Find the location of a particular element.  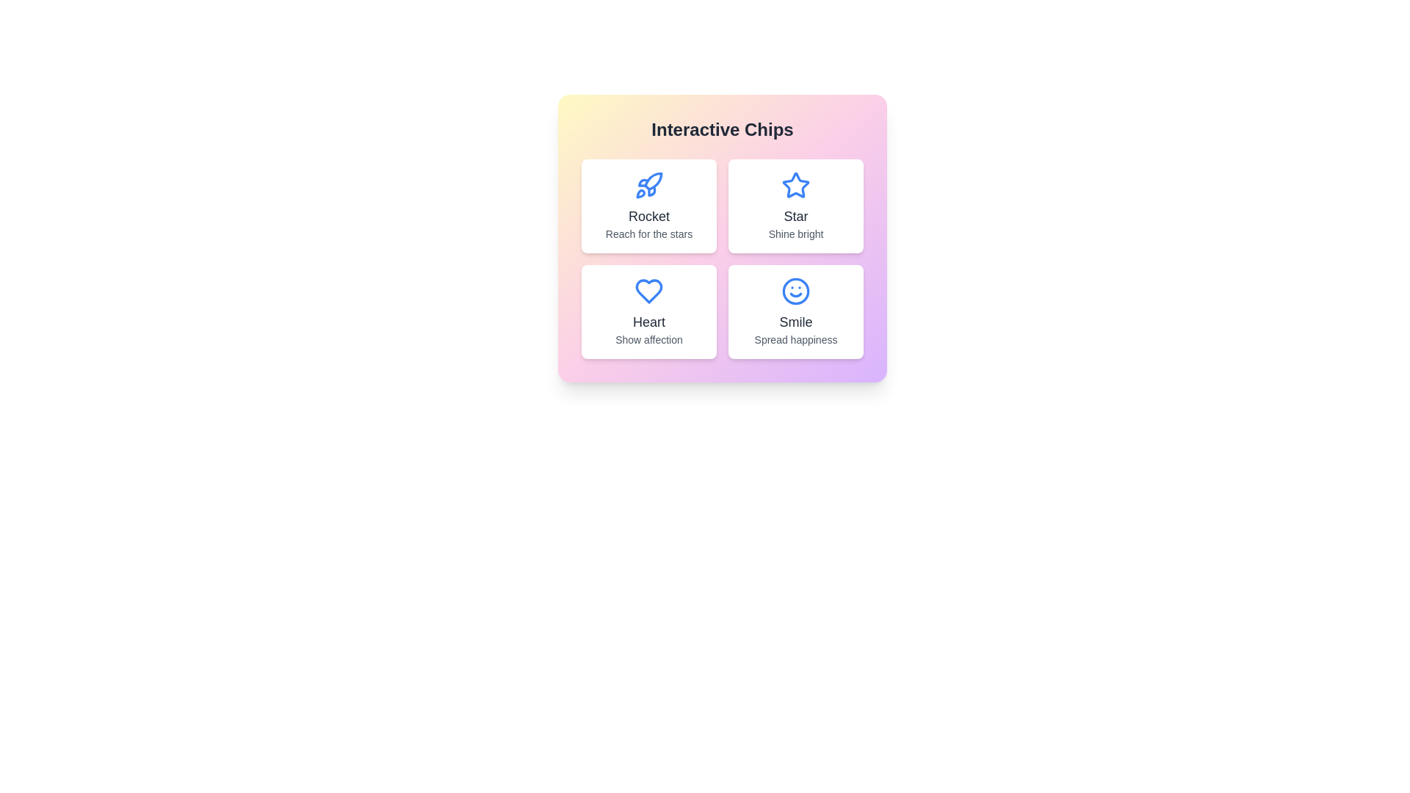

the chip labeled Star is located at coordinates (795, 206).